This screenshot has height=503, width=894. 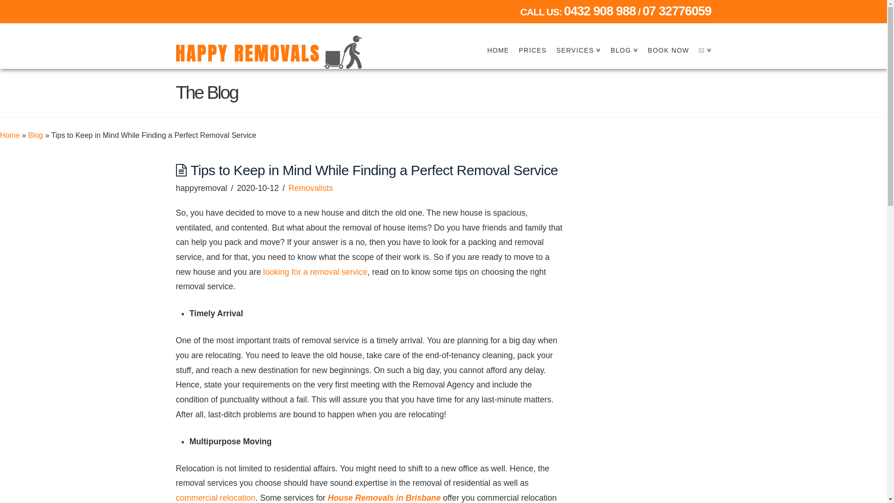 What do you see at coordinates (384, 497) in the screenshot?
I see `'House Removals in Brisbane'` at bounding box center [384, 497].